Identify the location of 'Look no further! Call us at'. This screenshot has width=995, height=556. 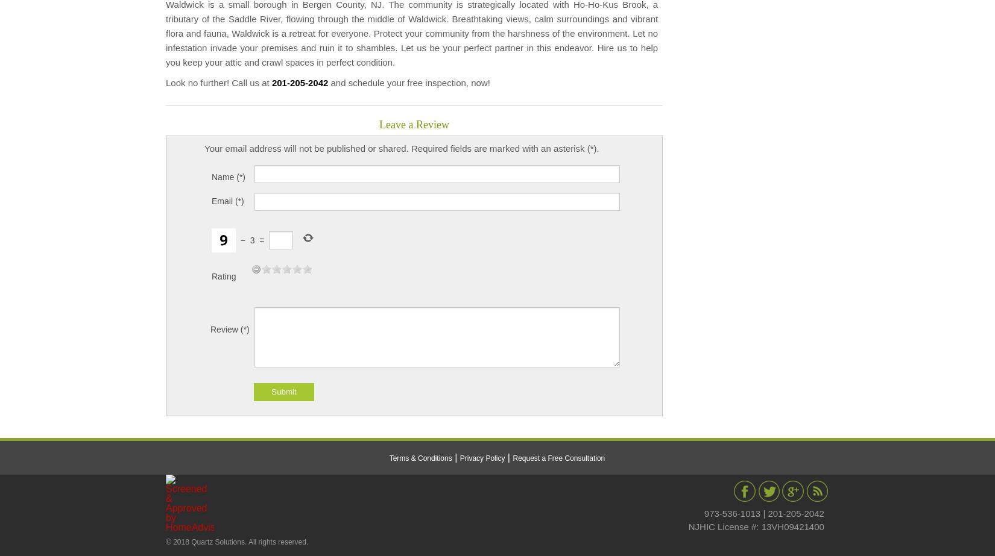
(218, 82).